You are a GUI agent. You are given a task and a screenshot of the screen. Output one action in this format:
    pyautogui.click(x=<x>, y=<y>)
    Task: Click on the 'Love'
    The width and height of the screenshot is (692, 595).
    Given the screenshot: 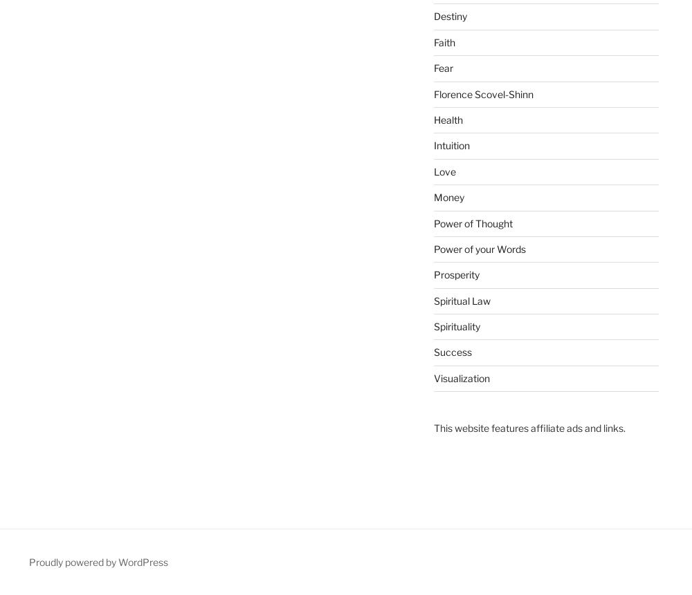 What is the action you would take?
    pyautogui.click(x=444, y=171)
    